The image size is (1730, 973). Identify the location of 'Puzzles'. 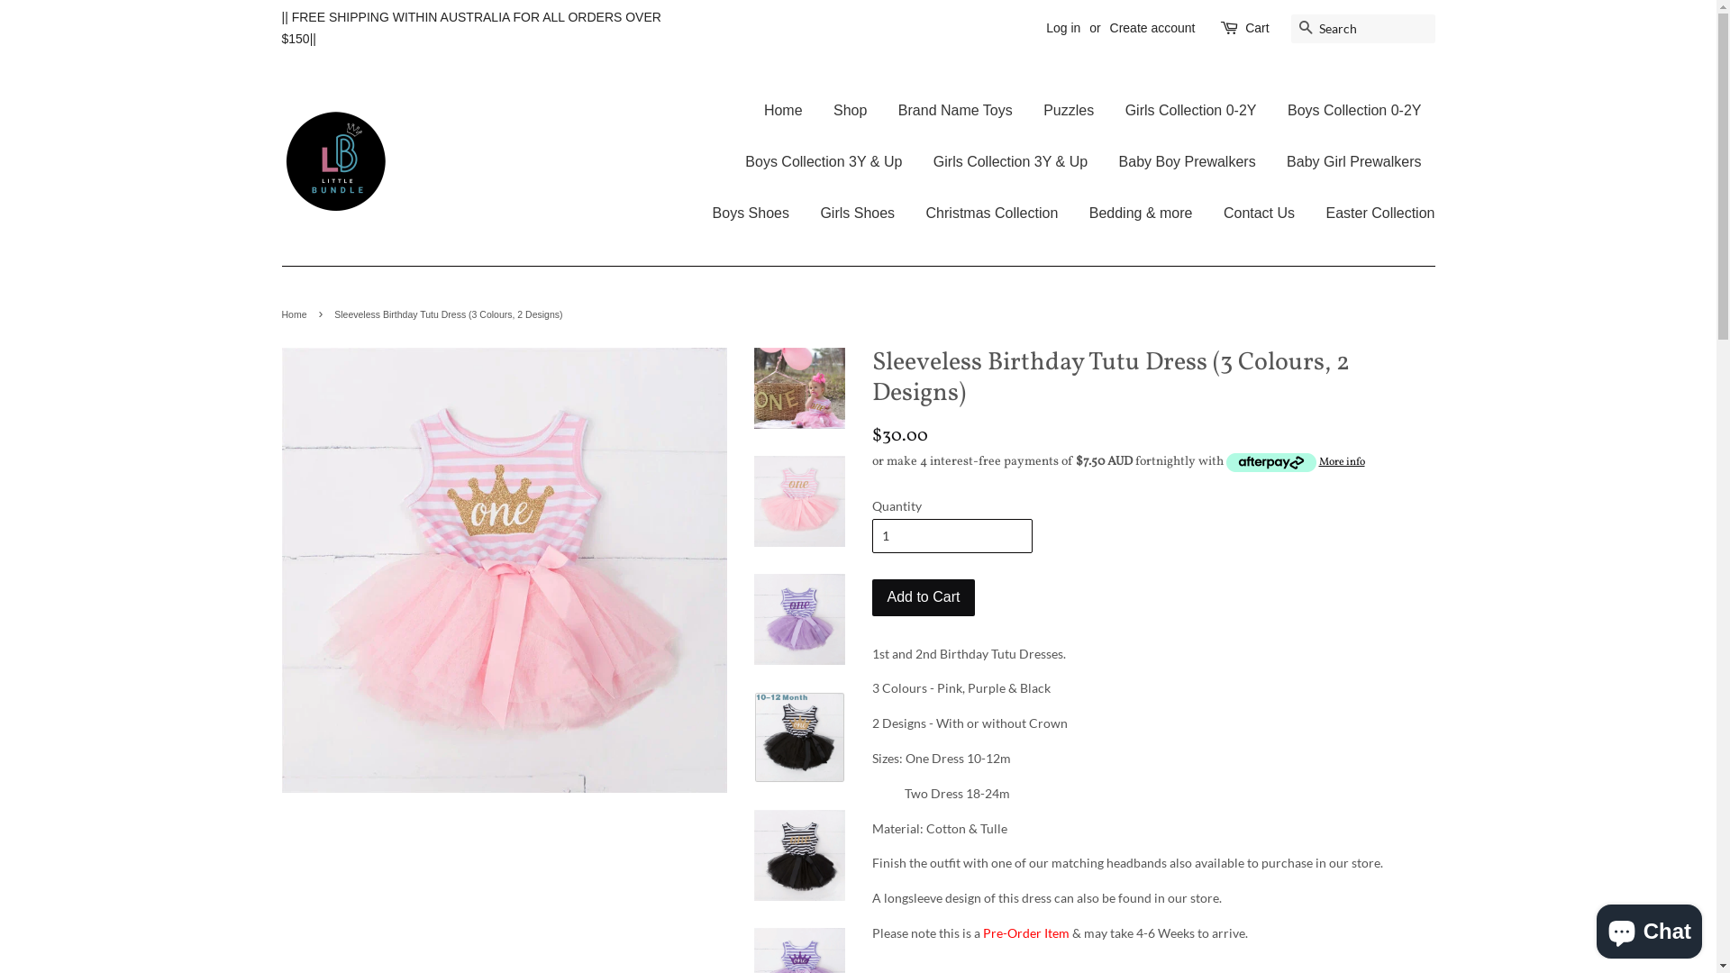
(1068, 110).